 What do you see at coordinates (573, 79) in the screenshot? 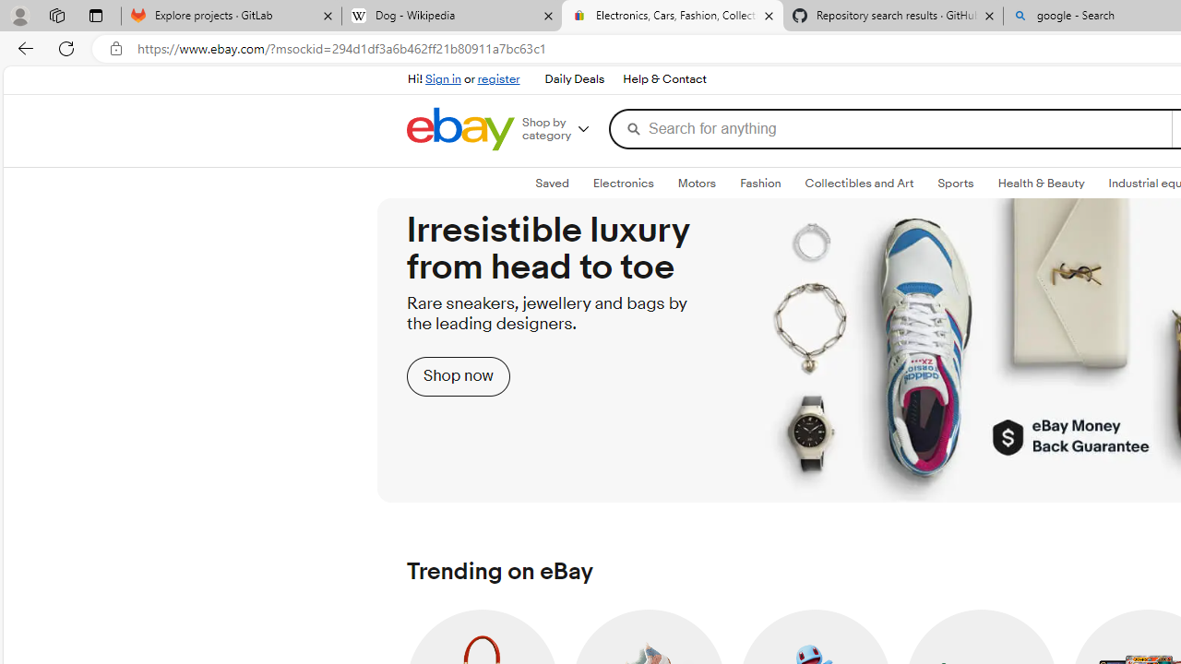
I see `'Daily Deals'` at bounding box center [573, 79].